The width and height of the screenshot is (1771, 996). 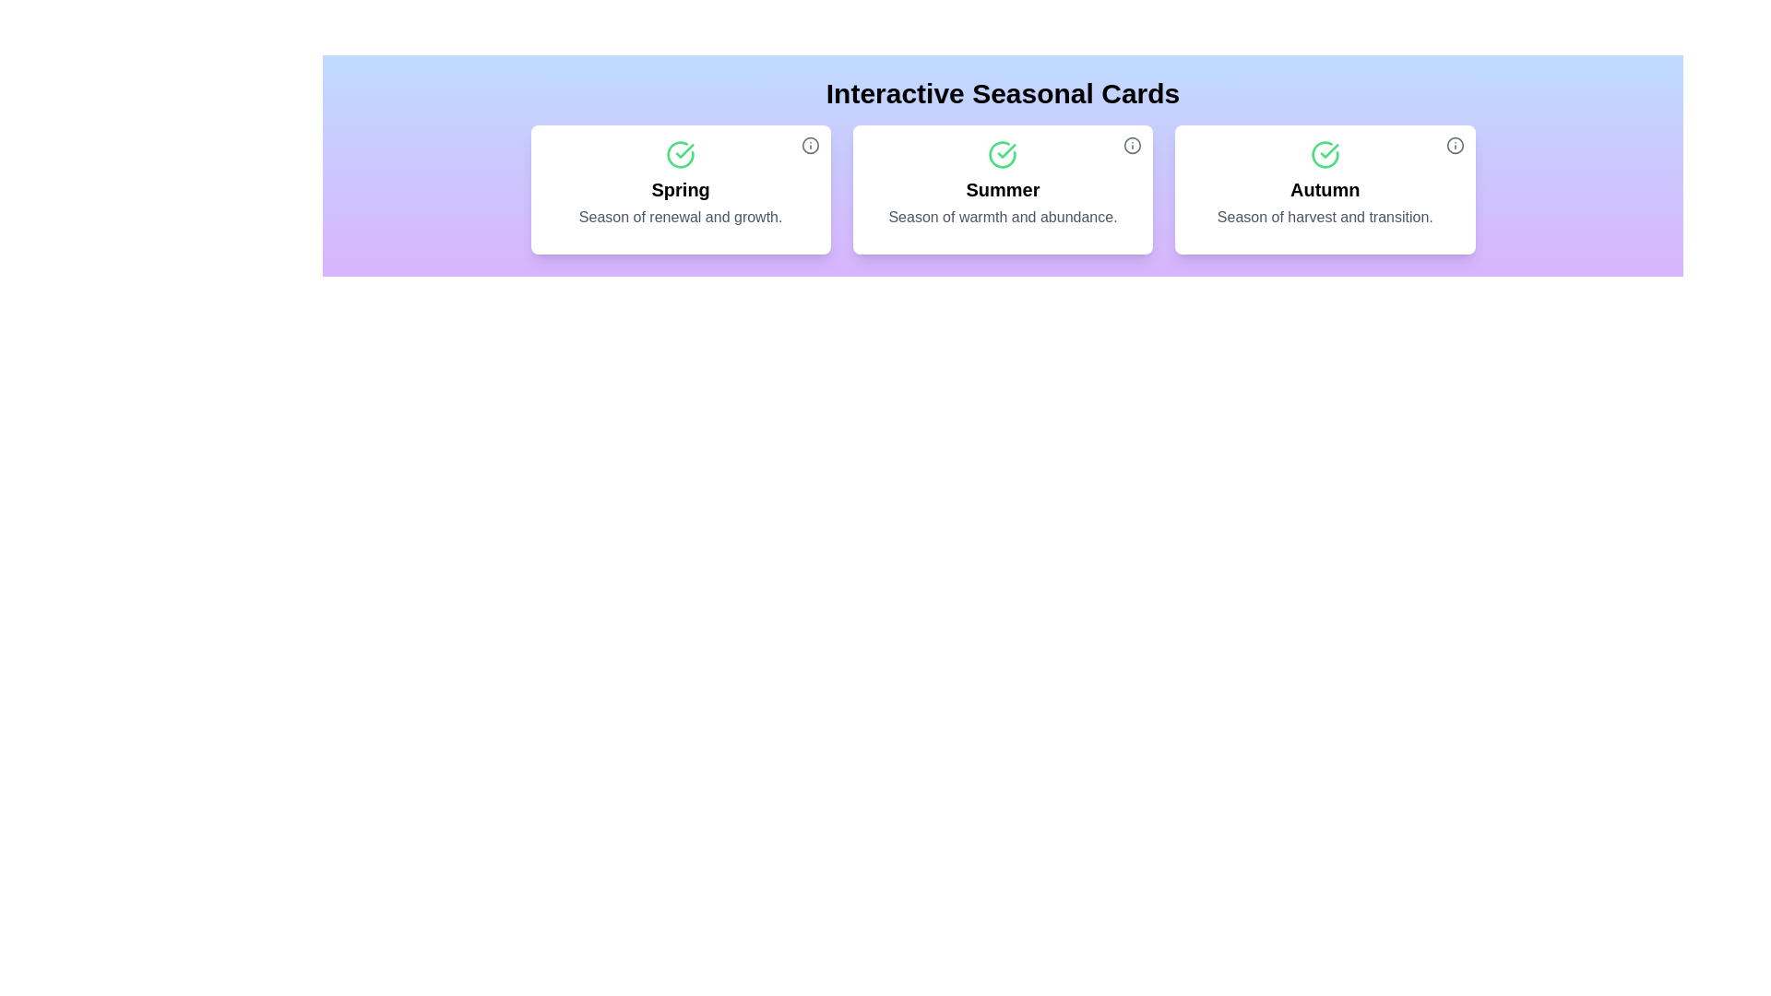 What do you see at coordinates (1002, 189) in the screenshot?
I see `the text label reading 'Summer' which is styled with a large, bold font, located in the center card of a three-card layout` at bounding box center [1002, 189].